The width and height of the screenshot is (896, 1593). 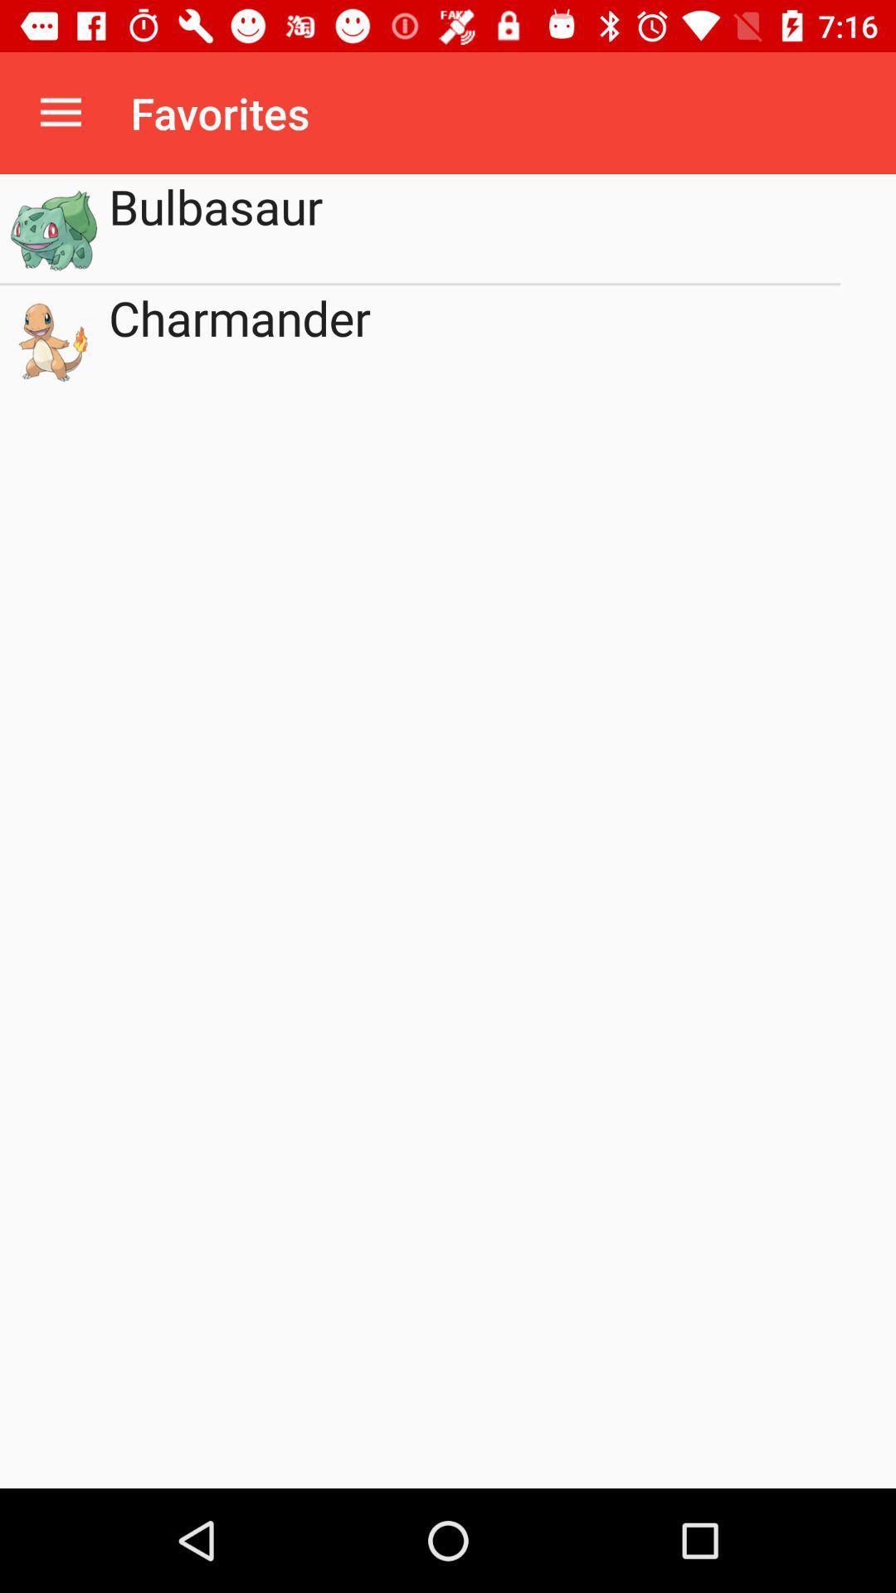 I want to click on item to the left of favorites item, so click(x=60, y=112).